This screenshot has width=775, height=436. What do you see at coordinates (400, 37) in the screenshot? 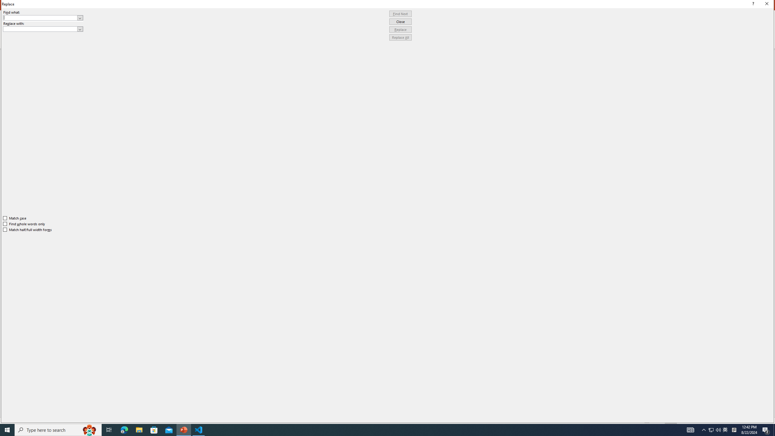
I see `'Replace All'` at bounding box center [400, 37].